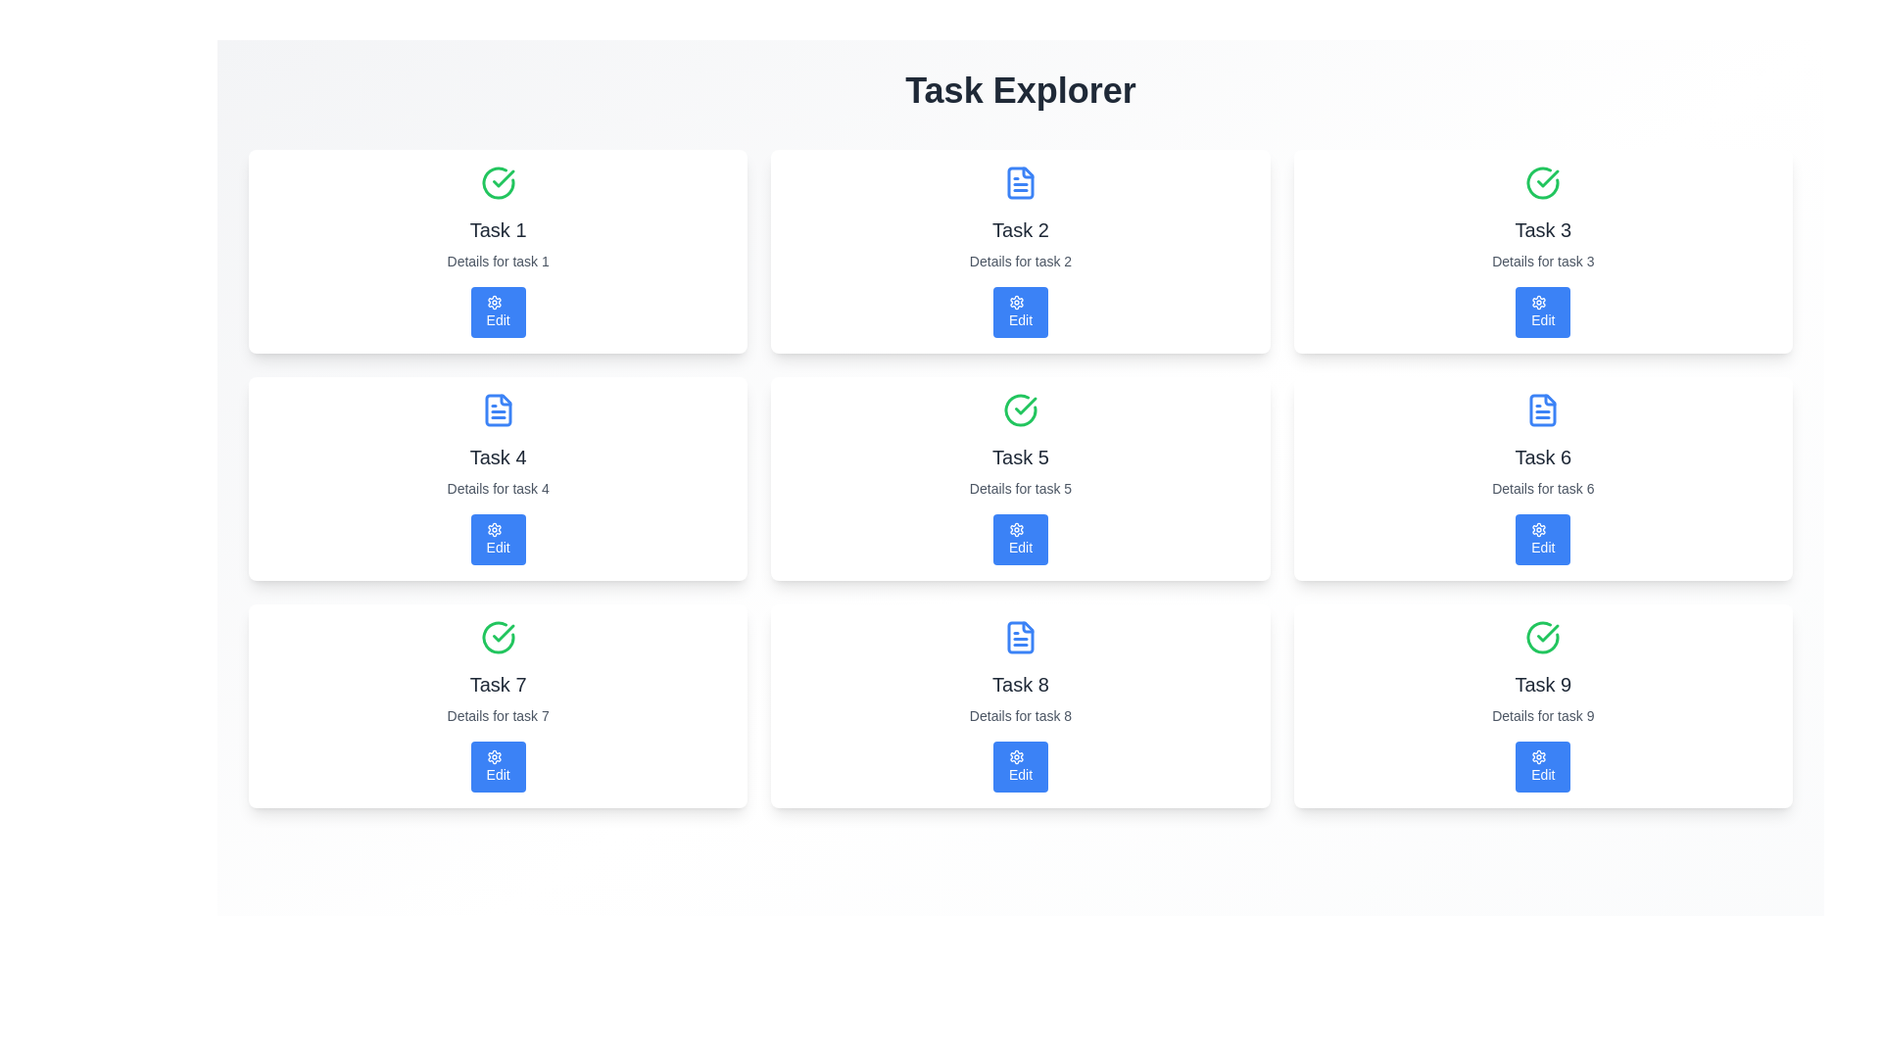 This screenshot has height=1058, width=1881. Describe the element at coordinates (498, 251) in the screenshot. I see `the first card` at that location.